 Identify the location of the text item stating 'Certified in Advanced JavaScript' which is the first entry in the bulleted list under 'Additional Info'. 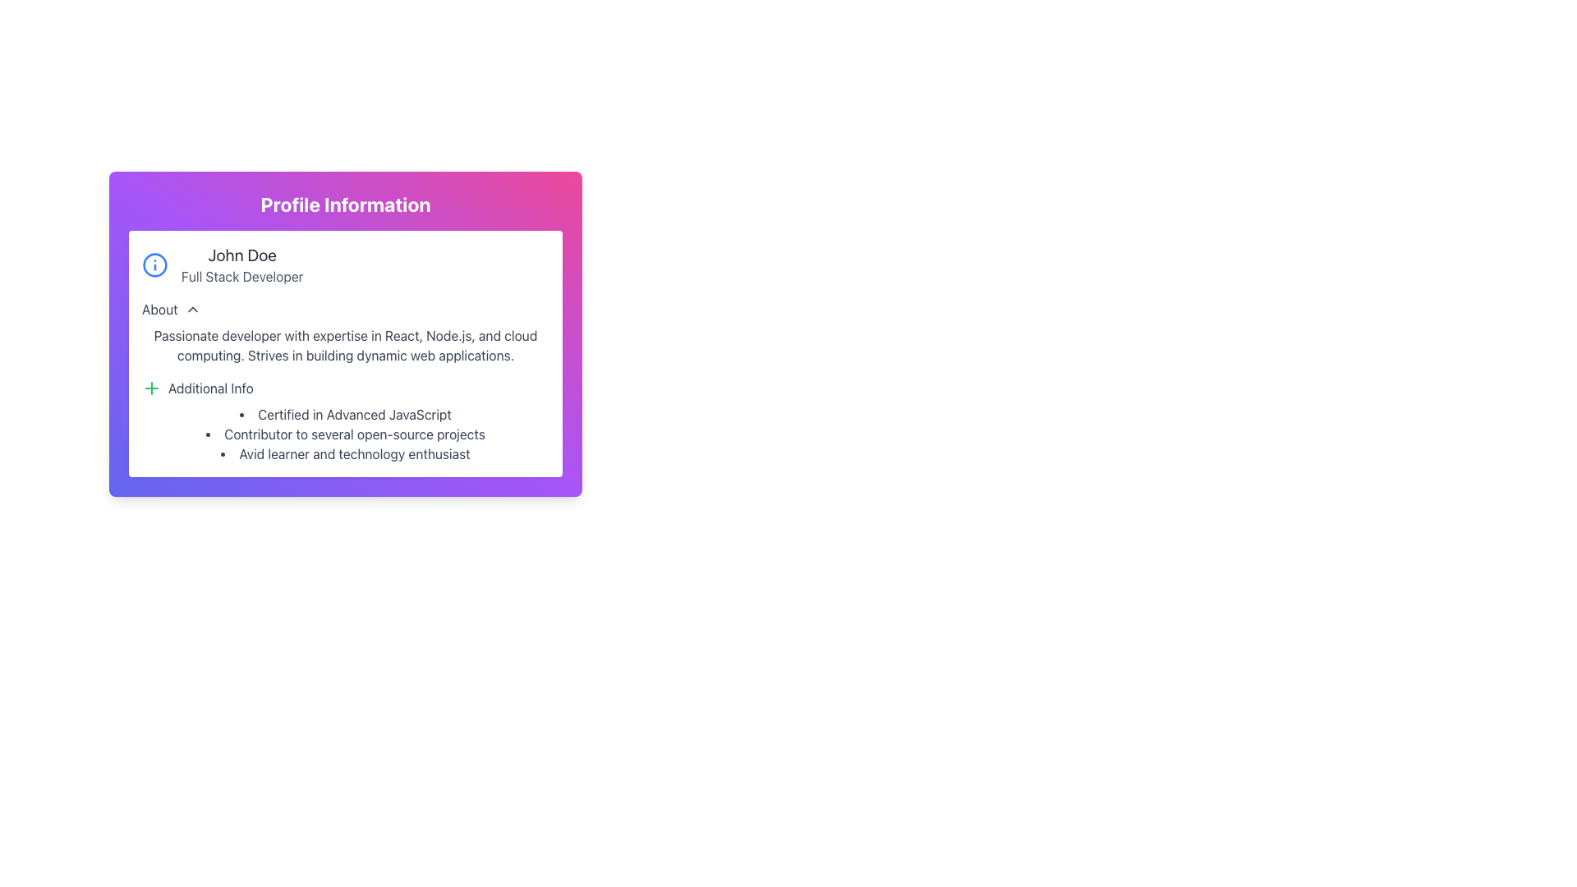
(345, 414).